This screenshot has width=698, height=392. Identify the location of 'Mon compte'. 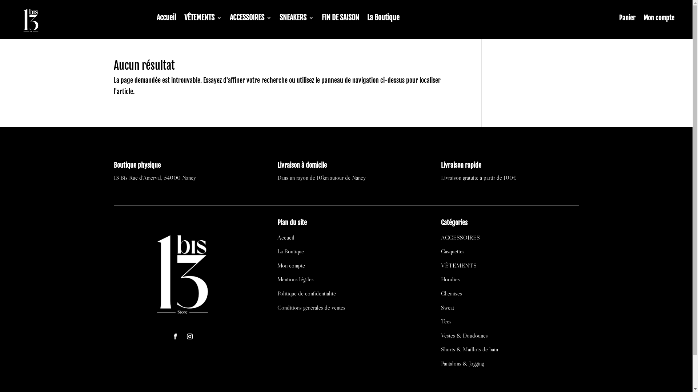
(291, 265).